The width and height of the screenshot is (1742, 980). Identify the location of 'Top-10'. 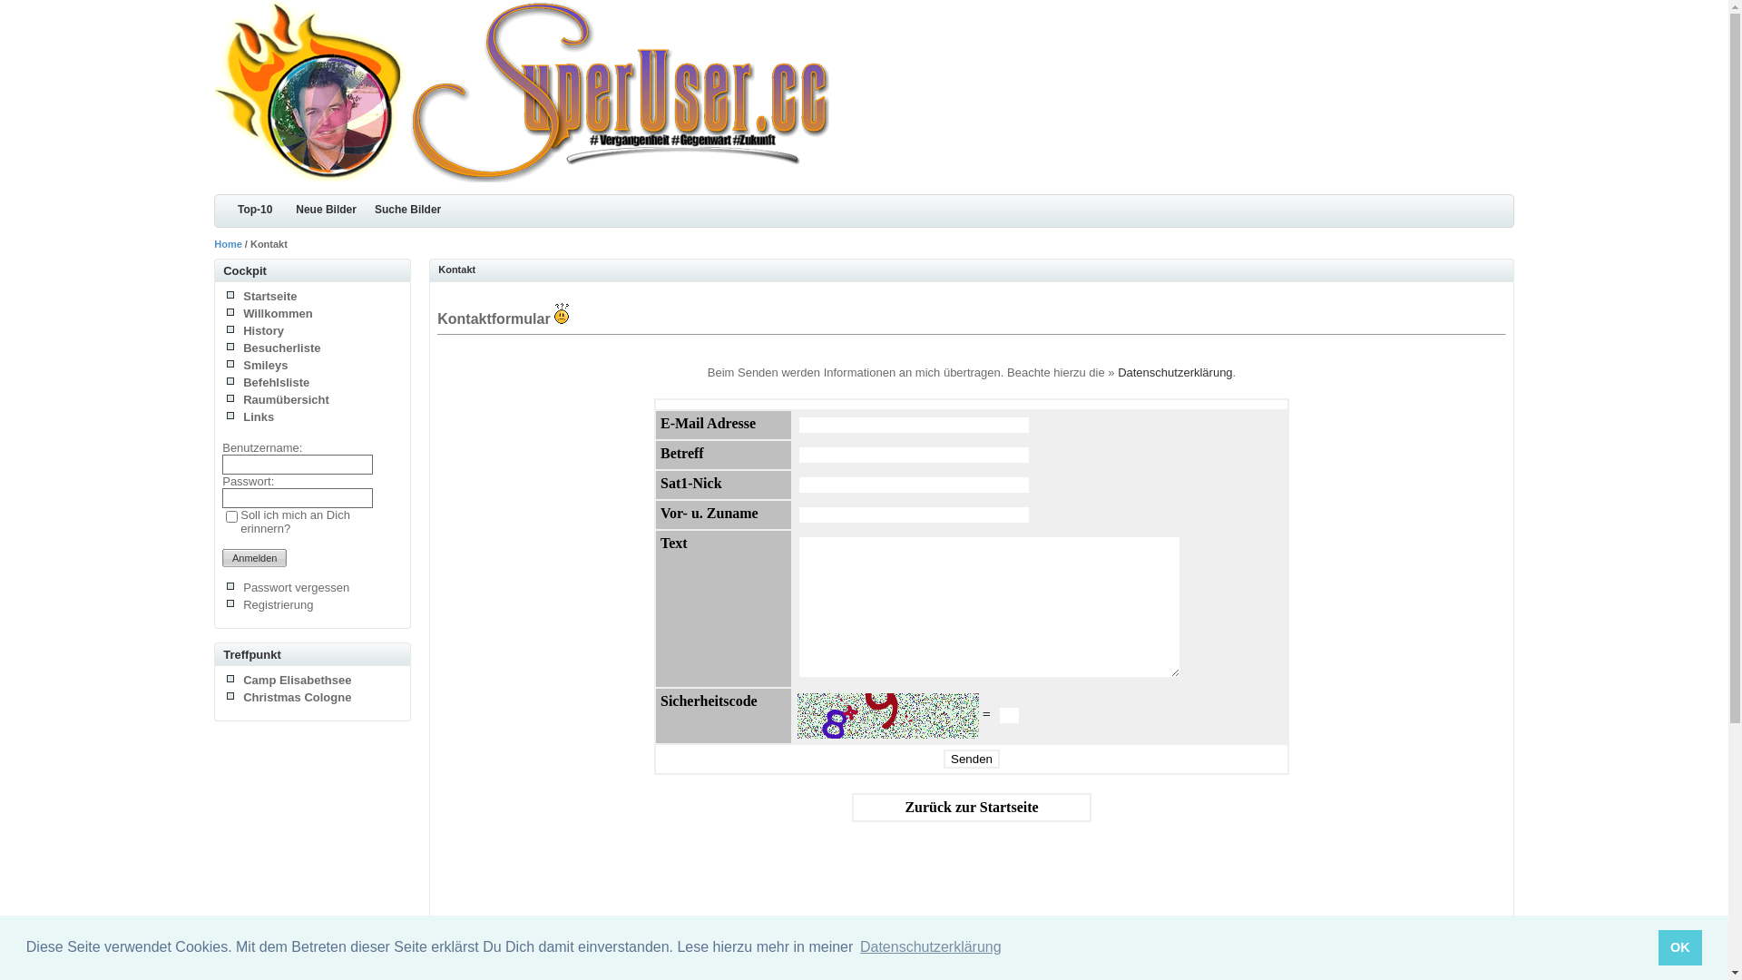
(213, 210).